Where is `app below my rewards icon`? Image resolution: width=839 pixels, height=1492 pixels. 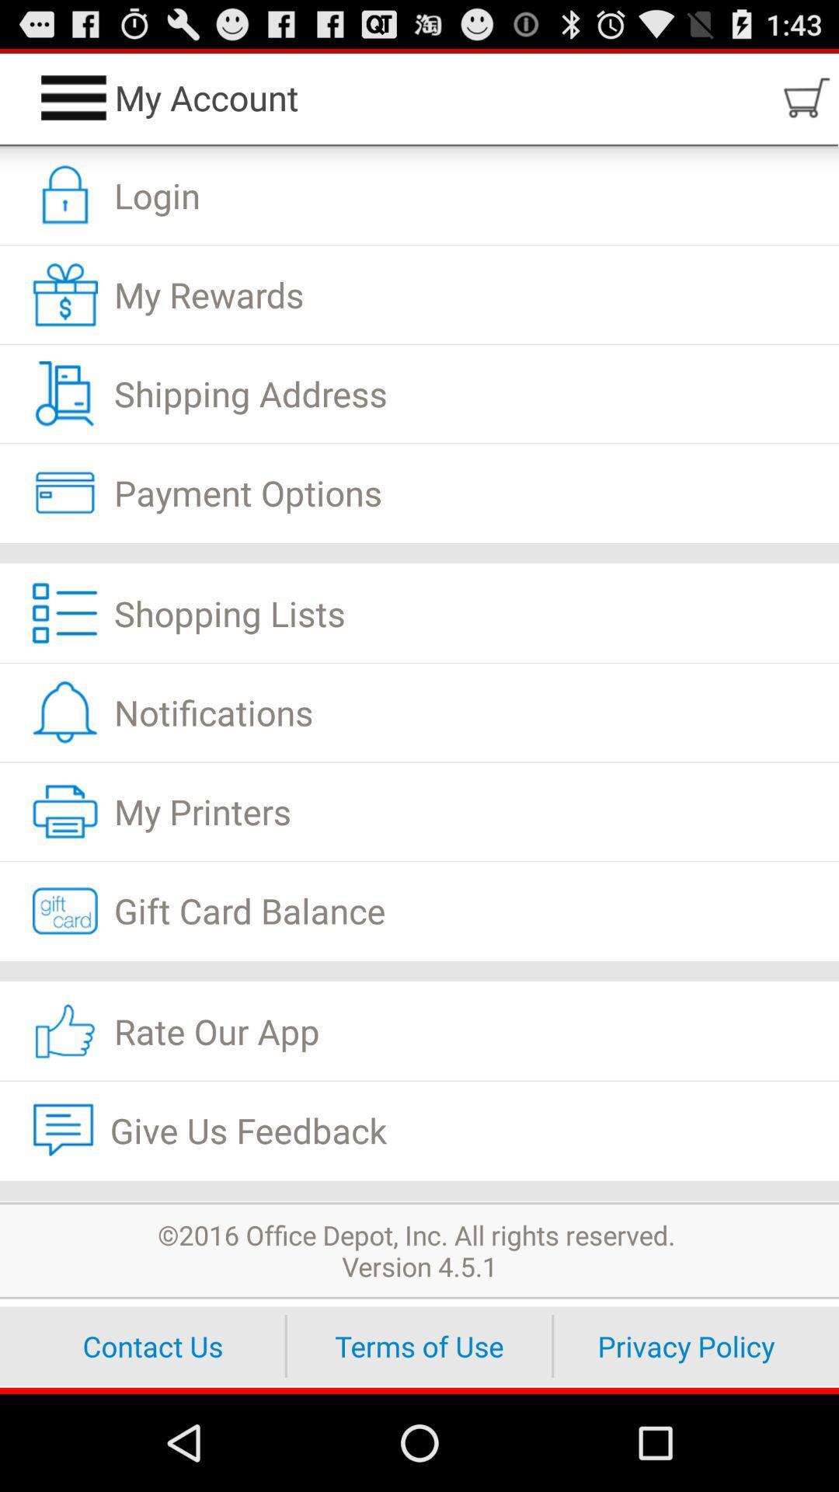
app below my rewards icon is located at coordinates (419, 394).